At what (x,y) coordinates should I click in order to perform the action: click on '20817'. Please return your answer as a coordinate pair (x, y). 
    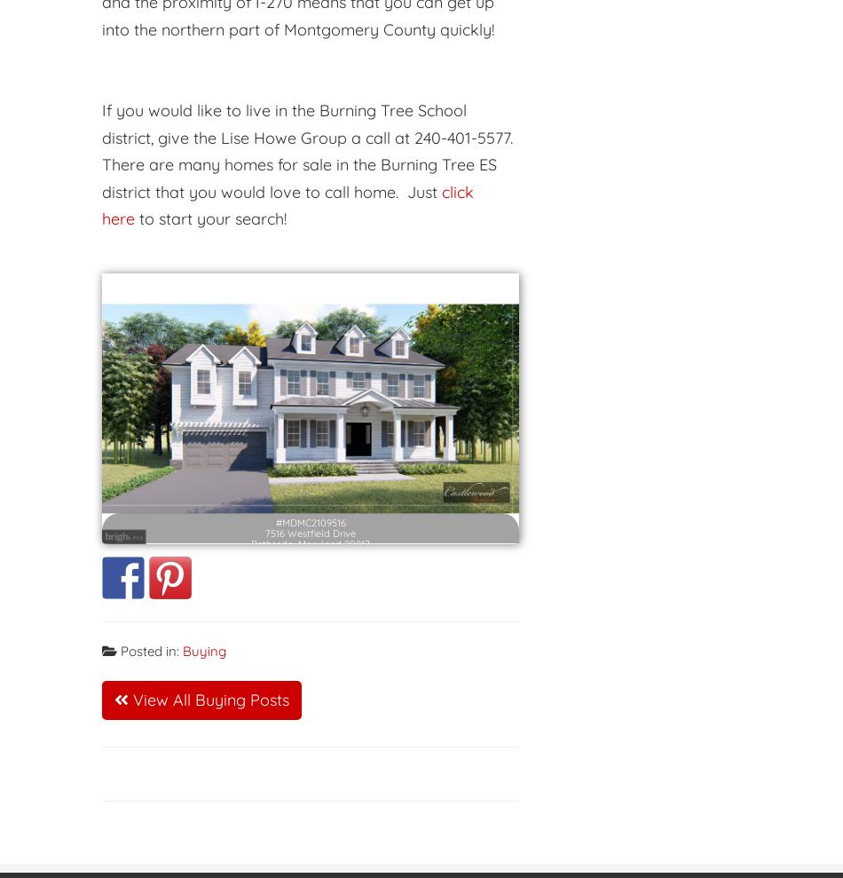
    Looking at the image, I should click on (356, 530).